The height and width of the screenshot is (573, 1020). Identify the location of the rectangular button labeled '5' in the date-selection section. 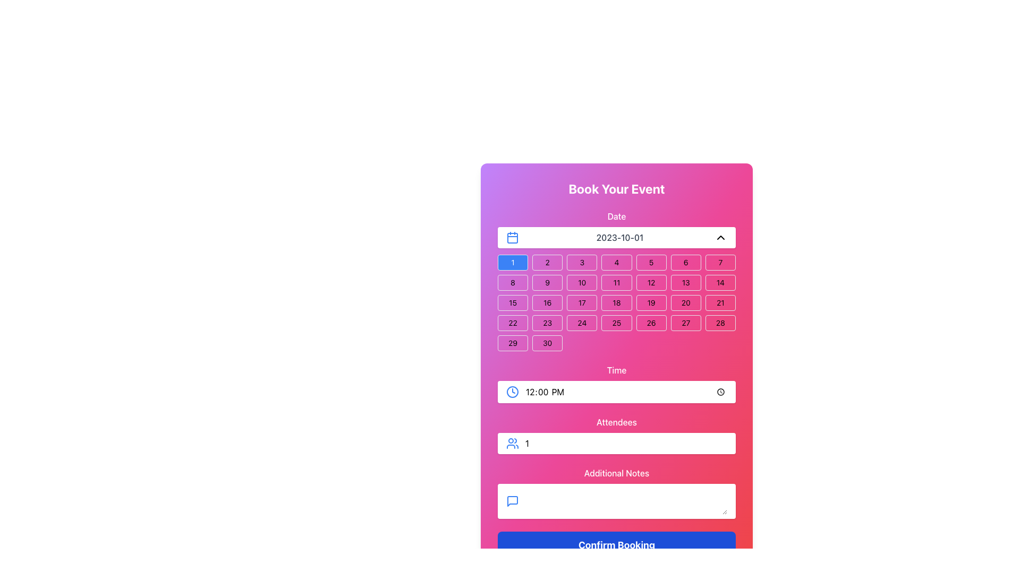
(650, 262).